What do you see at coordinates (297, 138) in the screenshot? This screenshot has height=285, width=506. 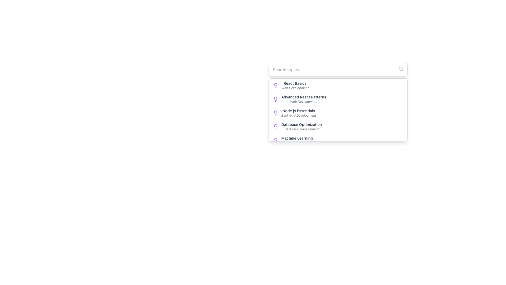 I see `the text label displaying 'Machine Learning'` at bounding box center [297, 138].